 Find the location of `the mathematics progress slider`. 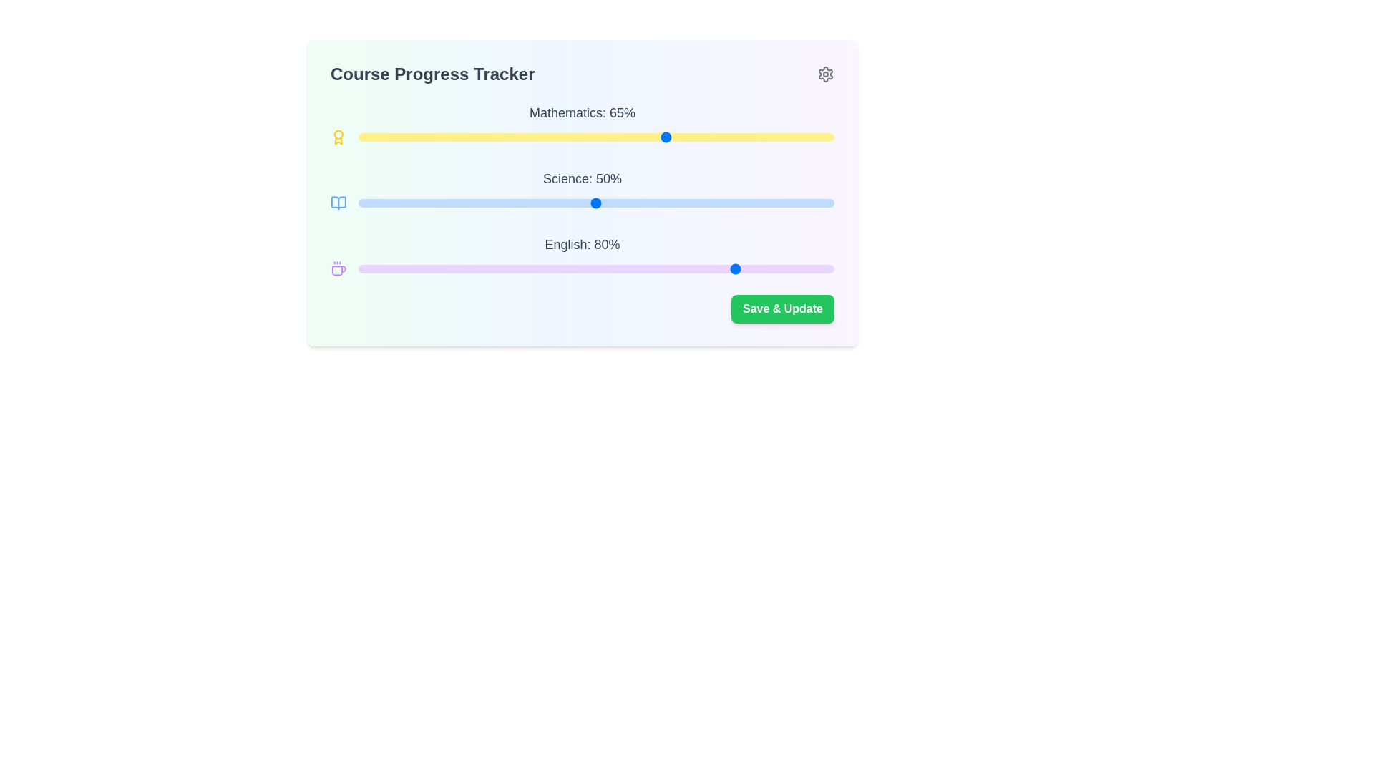

the mathematics progress slider is located at coordinates (715, 137).